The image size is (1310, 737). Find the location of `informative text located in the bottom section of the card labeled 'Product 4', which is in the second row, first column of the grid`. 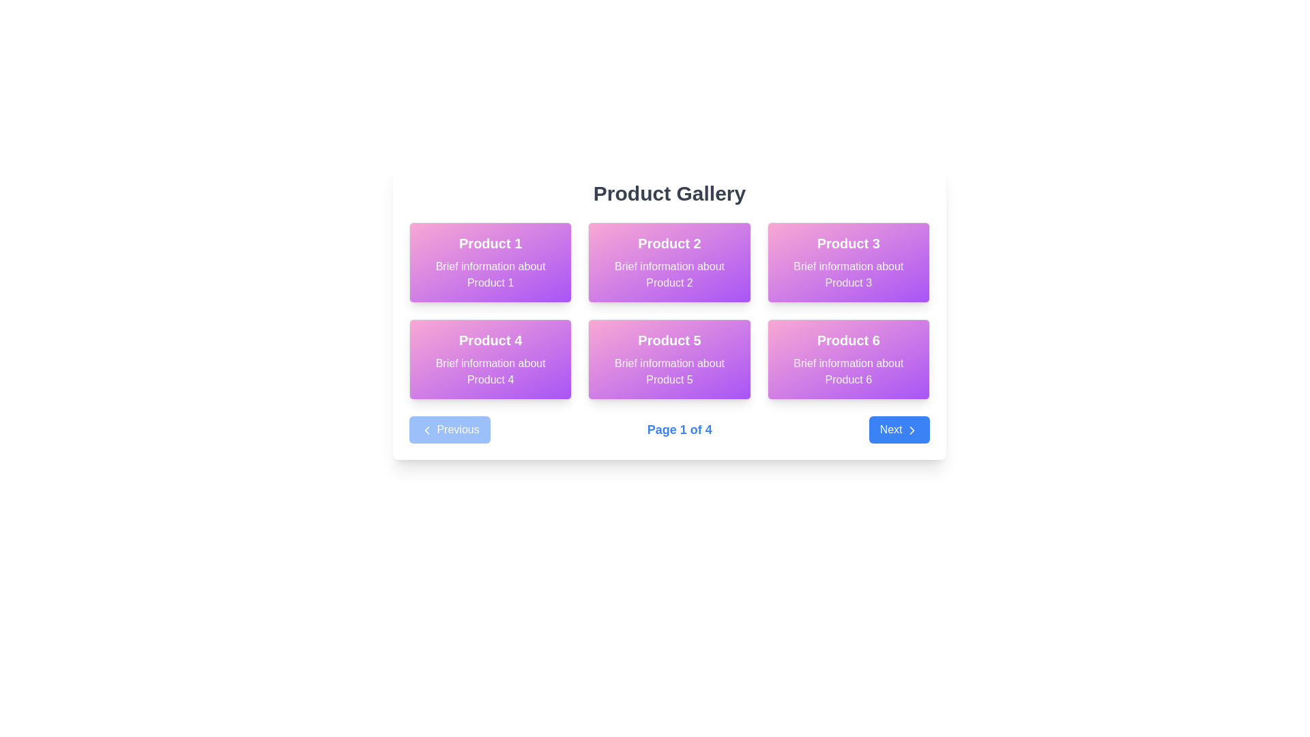

informative text located in the bottom section of the card labeled 'Product 4', which is in the second row, first column of the grid is located at coordinates (491, 371).